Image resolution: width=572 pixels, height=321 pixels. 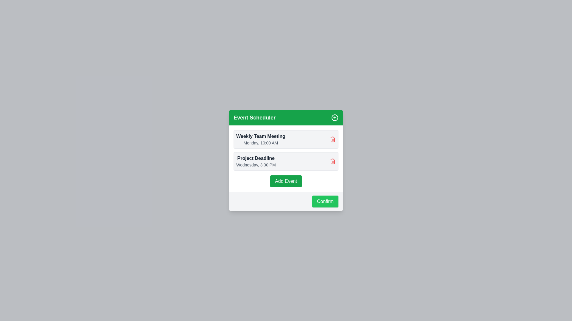 What do you see at coordinates (286, 181) in the screenshot?
I see `'Add Event' button to add a new event` at bounding box center [286, 181].